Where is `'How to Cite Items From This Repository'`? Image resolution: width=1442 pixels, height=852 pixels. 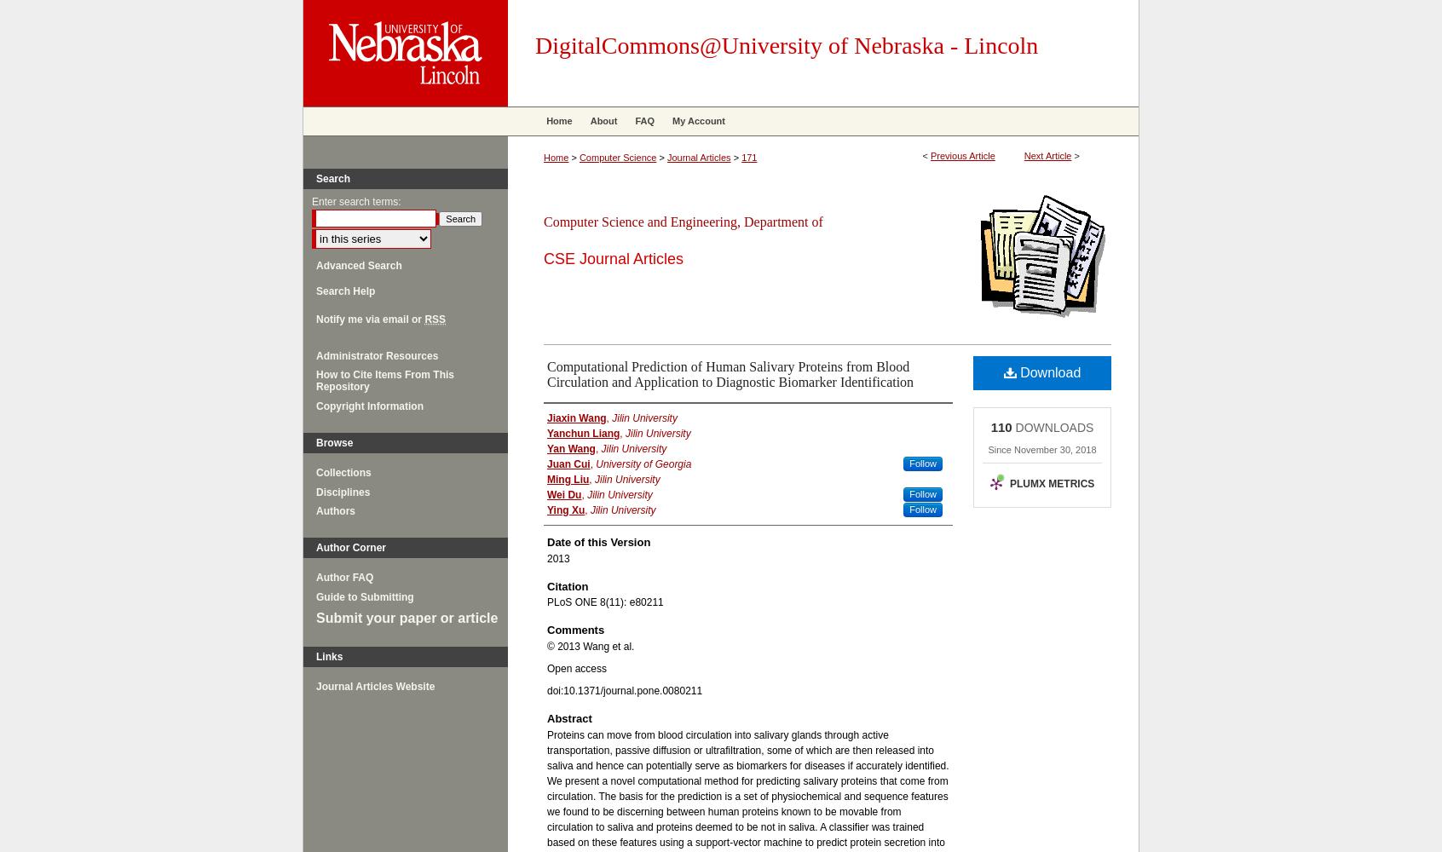
'How to Cite Items From This Repository' is located at coordinates (384, 379).